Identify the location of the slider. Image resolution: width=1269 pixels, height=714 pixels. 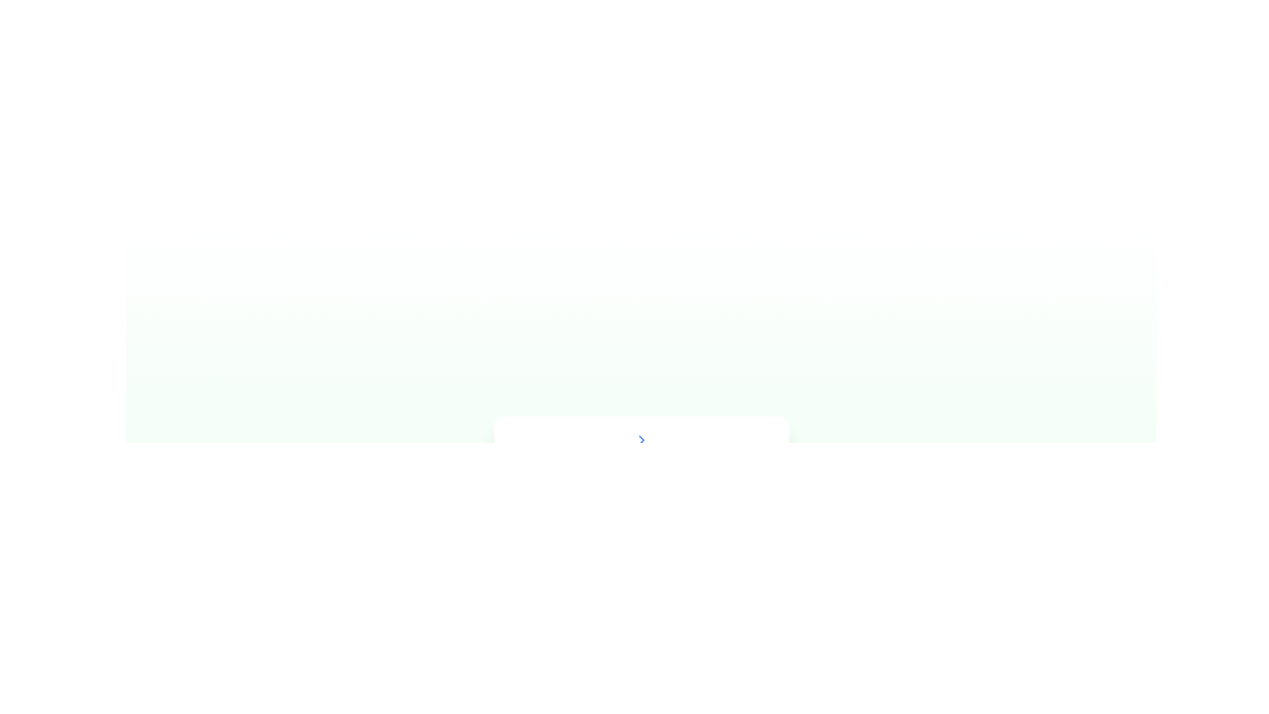
(699, 662).